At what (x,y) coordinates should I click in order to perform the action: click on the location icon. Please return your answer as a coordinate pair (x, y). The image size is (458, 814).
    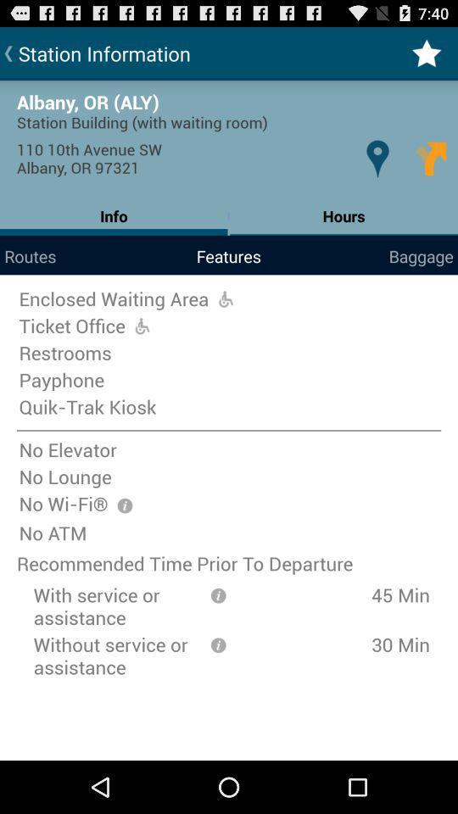
    Looking at the image, I should click on (377, 170).